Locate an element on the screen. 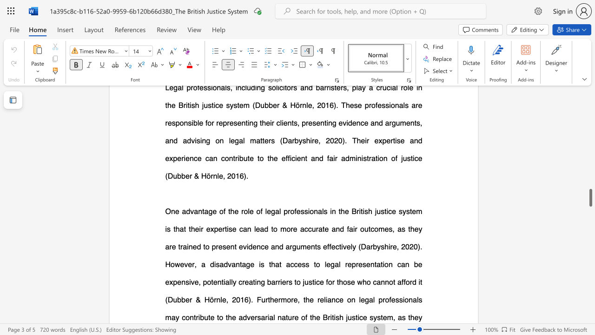  the scrollbar to move the page up is located at coordinates (590, 167).